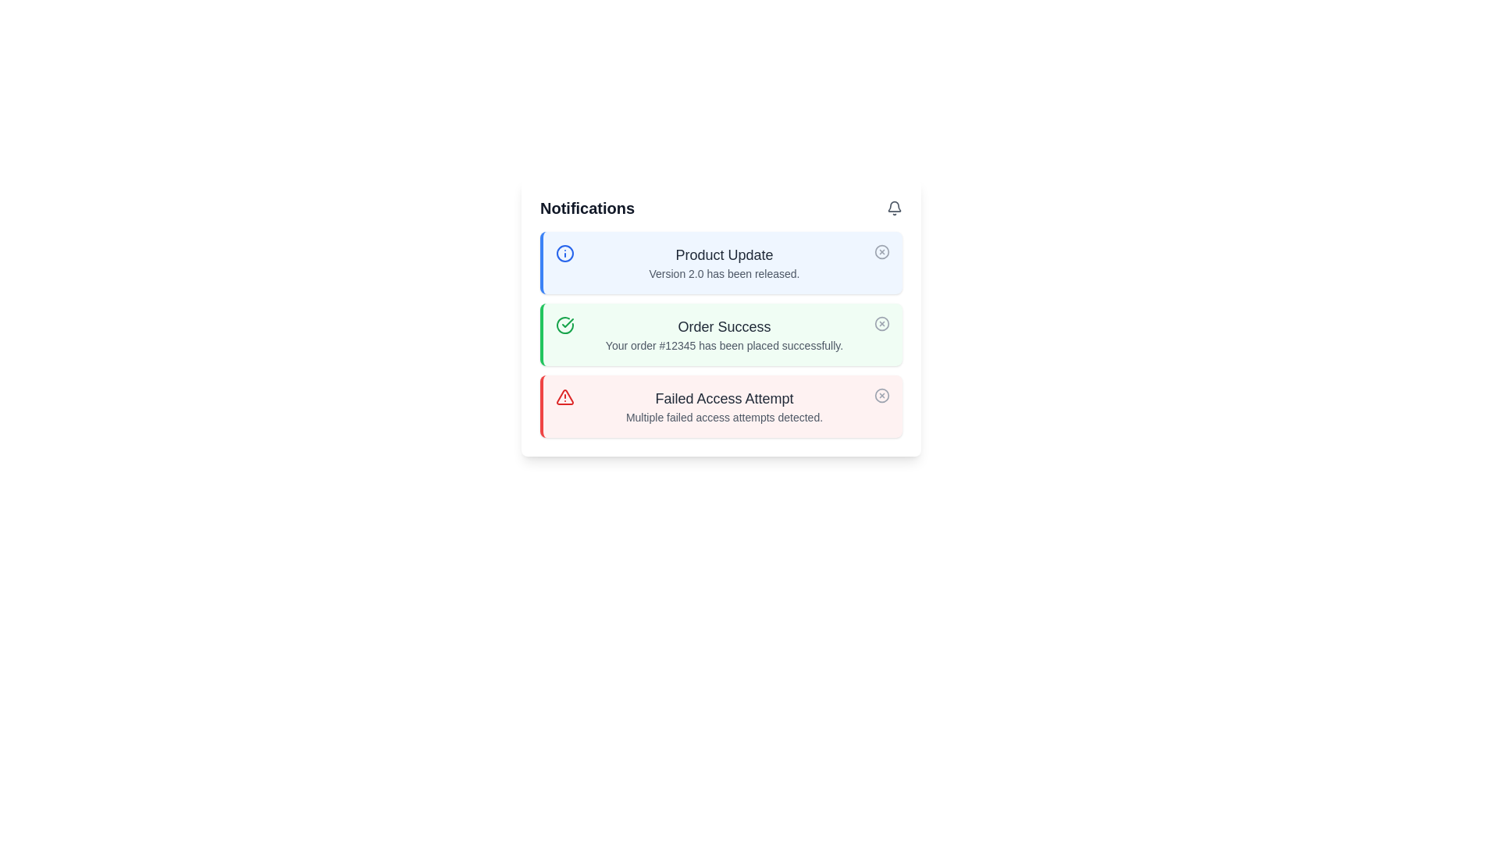  What do you see at coordinates (564, 252) in the screenshot?
I see `the informational alert icon within the 'Product Update' notification card, located on the left side of the card` at bounding box center [564, 252].